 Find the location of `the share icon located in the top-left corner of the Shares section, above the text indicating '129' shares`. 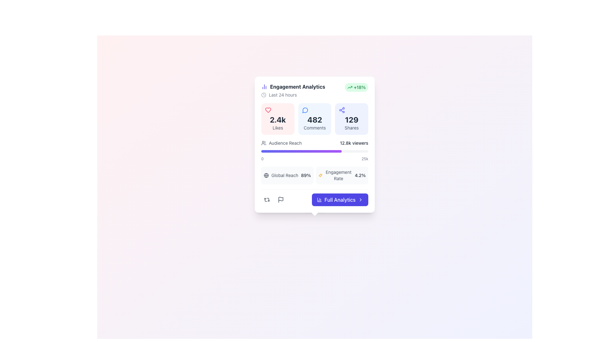

the share icon located in the top-left corner of the Shares section, above the text indicating '129' shares is located at coordinates (342, 110).